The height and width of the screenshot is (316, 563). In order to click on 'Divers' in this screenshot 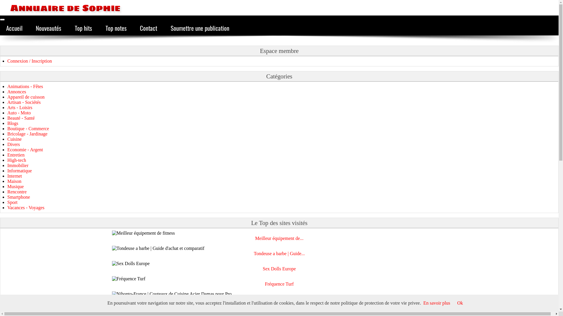, I will do `click(7, 144)`.